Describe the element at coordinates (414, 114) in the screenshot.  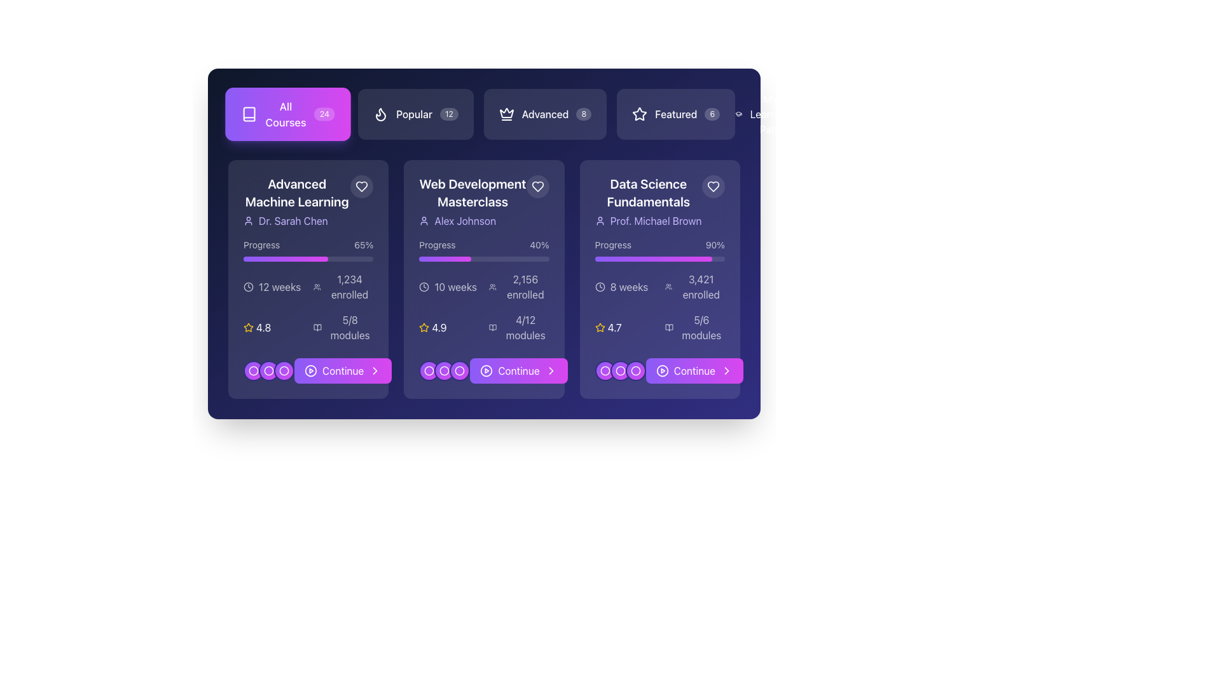
I see `text displayed on the 'Popular' label located in the top-left section of the interface, positioned between an icon and a badge showing '12'` at that location.